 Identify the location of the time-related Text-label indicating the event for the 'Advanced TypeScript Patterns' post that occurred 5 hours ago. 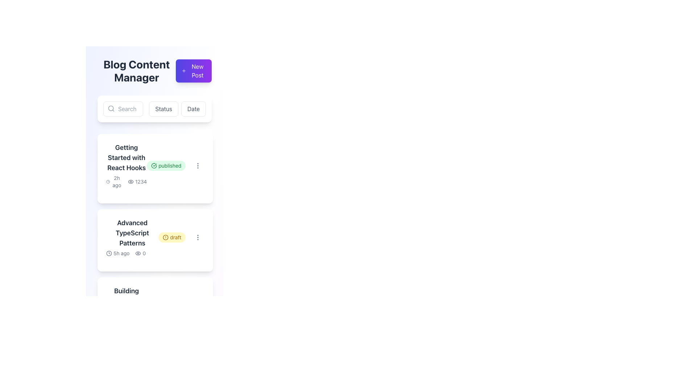
(118, 253).